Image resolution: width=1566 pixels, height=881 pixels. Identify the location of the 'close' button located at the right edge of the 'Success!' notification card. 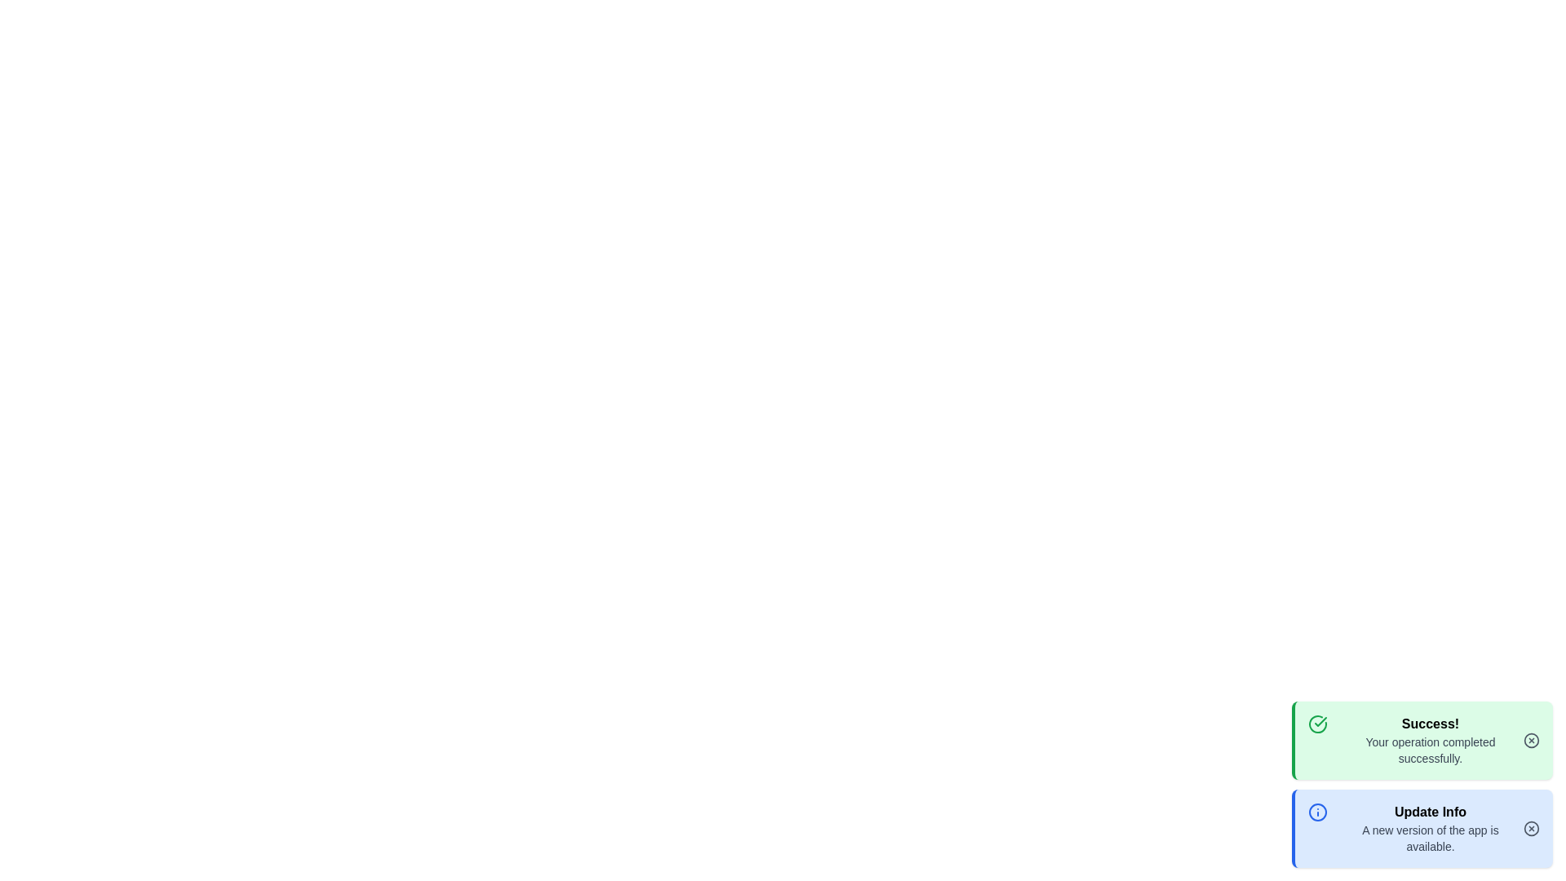
(1530, 740).